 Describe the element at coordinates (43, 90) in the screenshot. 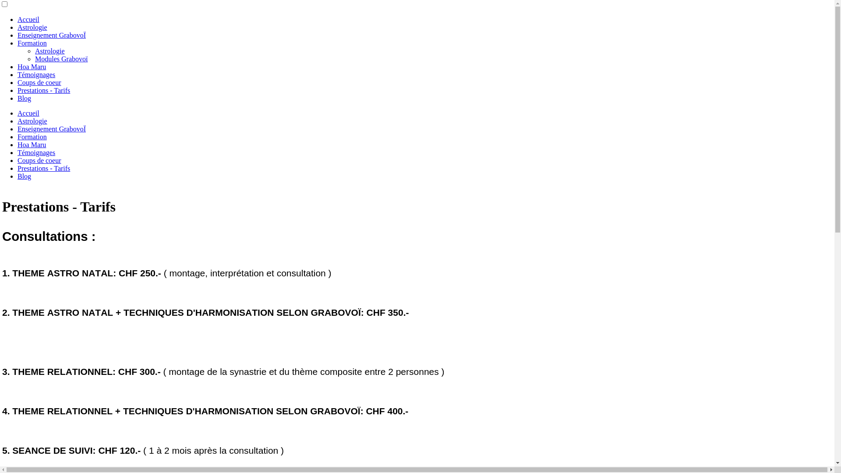

I see `'Prestations - Tarifs'` at that location.